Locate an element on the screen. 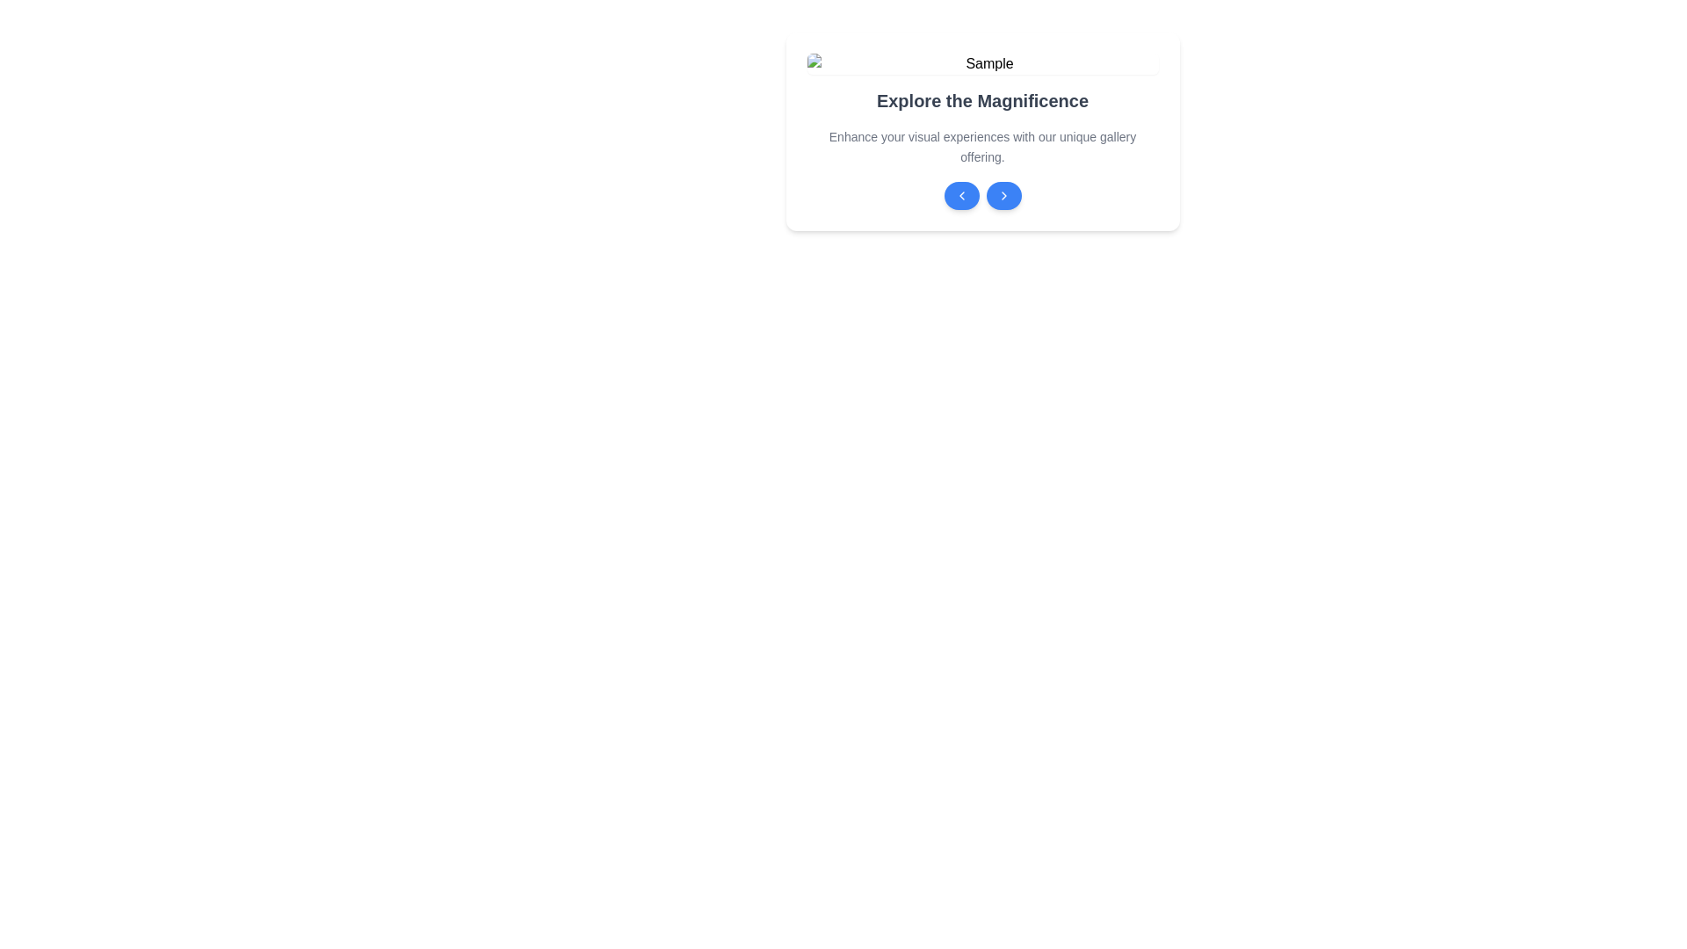  the left-pointing chevron icon, which is part of a circular button located to the left of a similar button with a right-pointing chevron is located at coordinates (960, 195).